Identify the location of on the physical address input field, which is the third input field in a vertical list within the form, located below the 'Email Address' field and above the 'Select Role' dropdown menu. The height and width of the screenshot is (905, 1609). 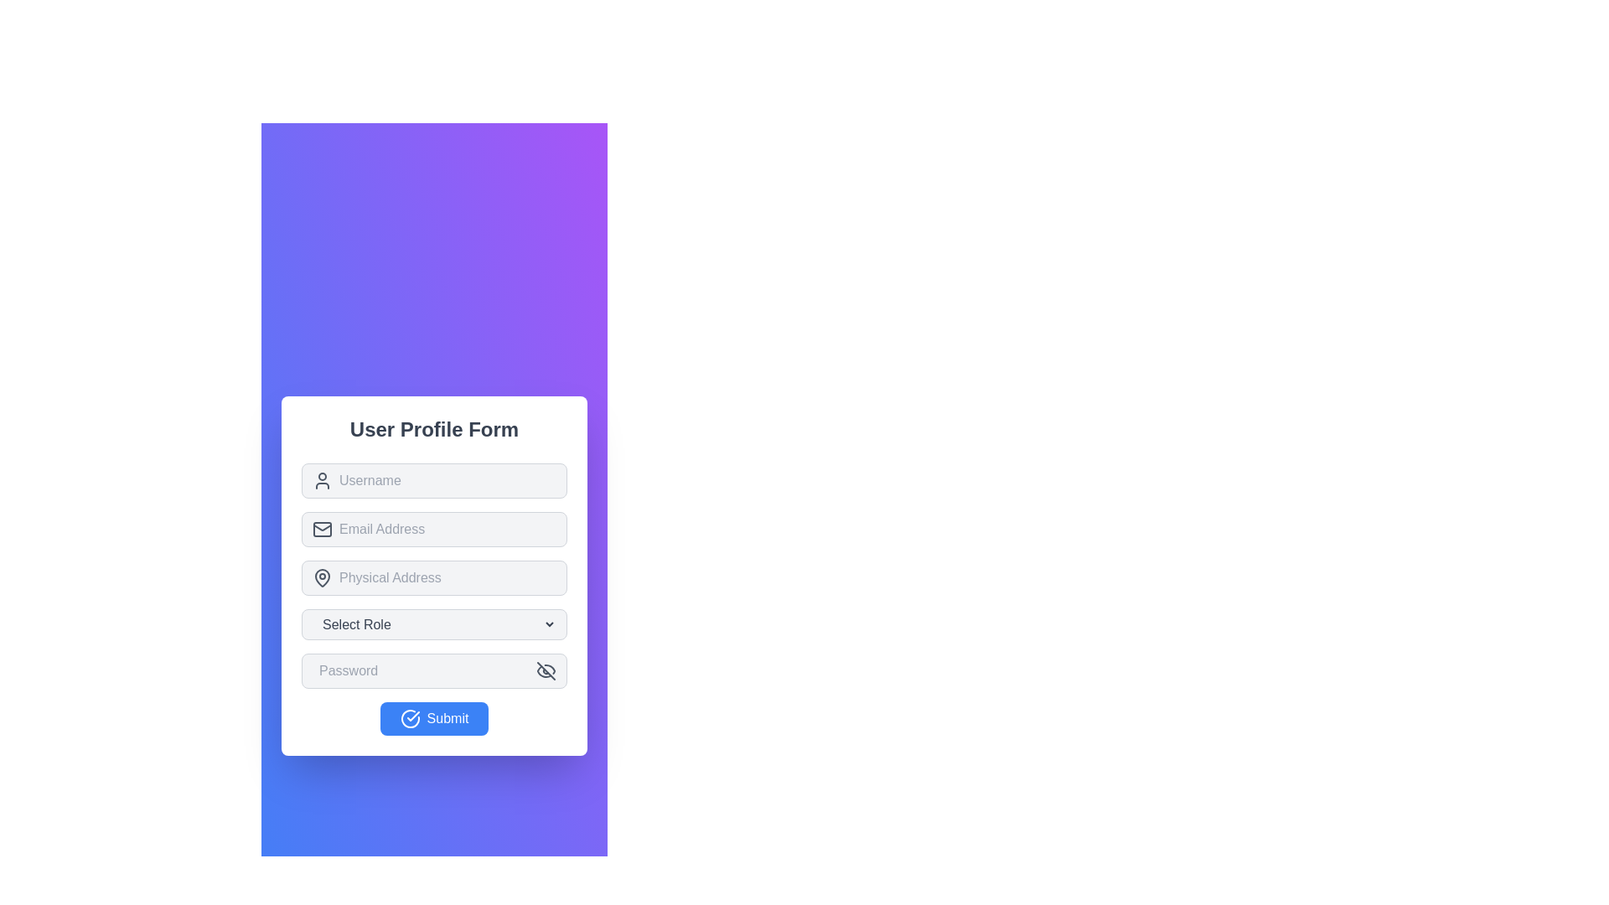
(434, 577).